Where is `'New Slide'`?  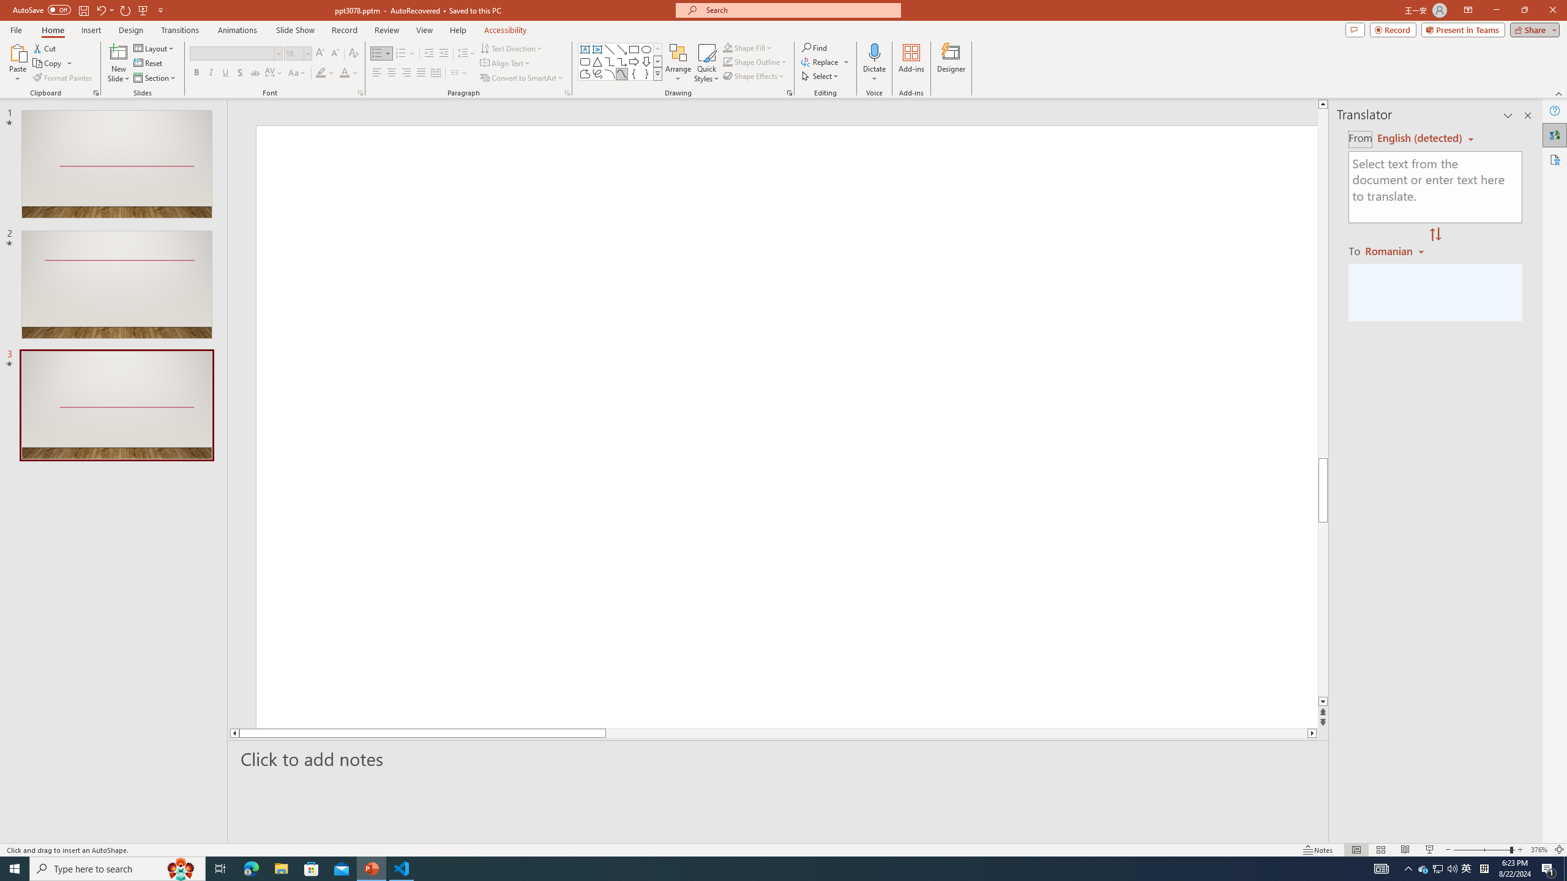
'New Slide' is located at coordinates (118, 51).